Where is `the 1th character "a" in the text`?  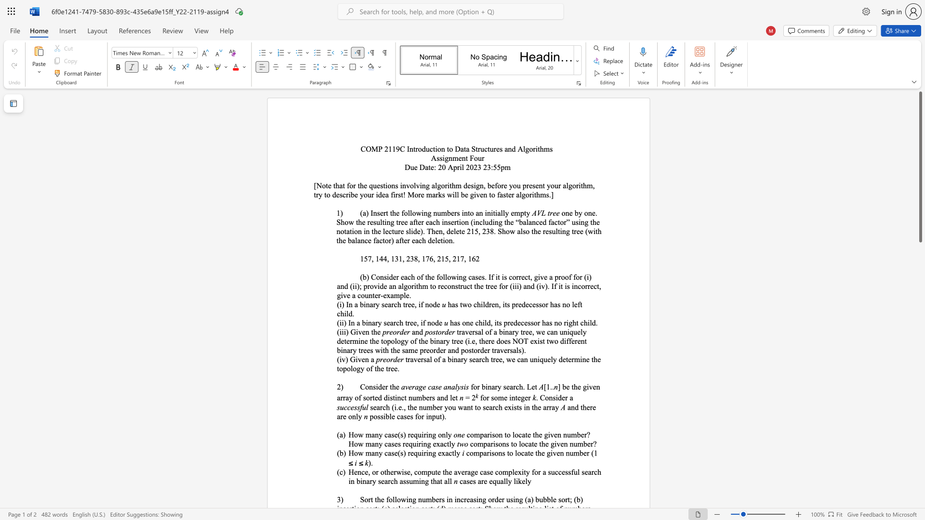
the 1th character "a" in the text is located at coordinates (372, 435).